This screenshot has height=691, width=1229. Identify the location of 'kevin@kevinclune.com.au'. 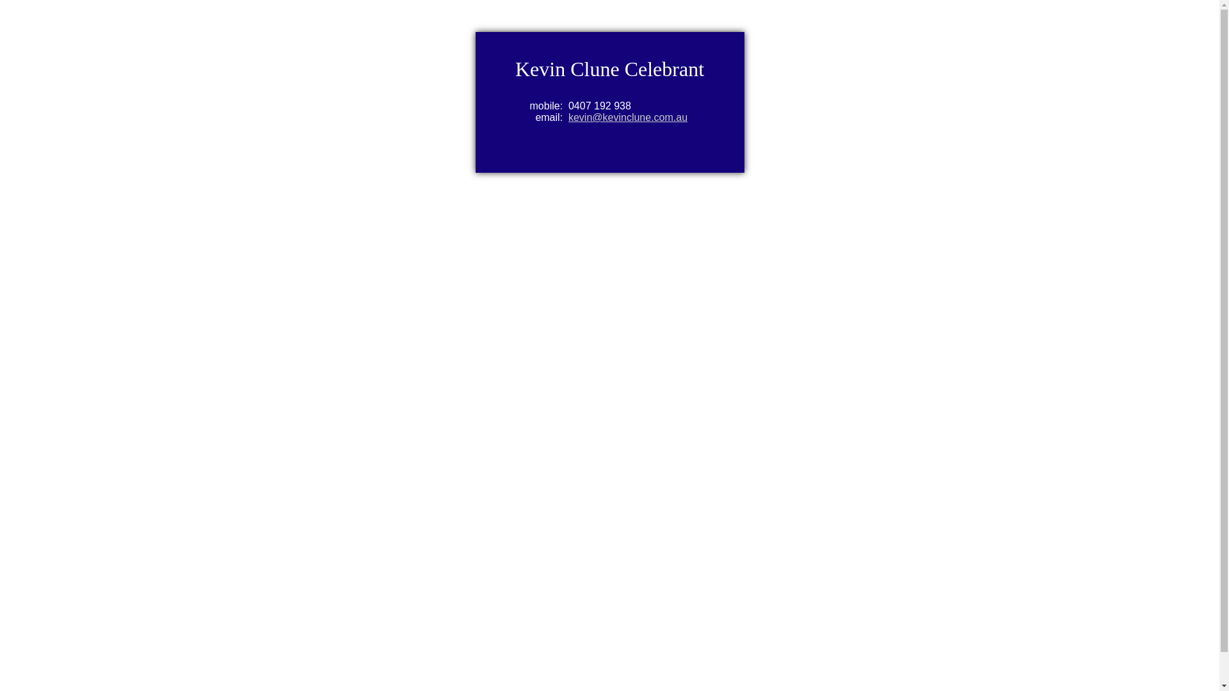
(627, 117).